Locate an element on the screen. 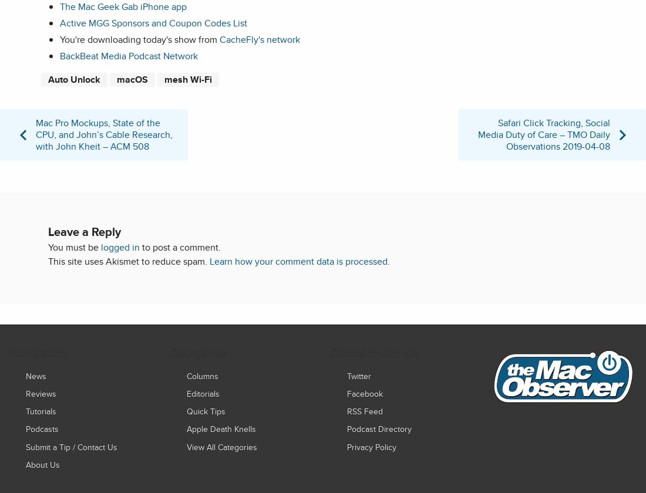  'BackBeat Media Podcast Network' is located at coordinates (129, 56).